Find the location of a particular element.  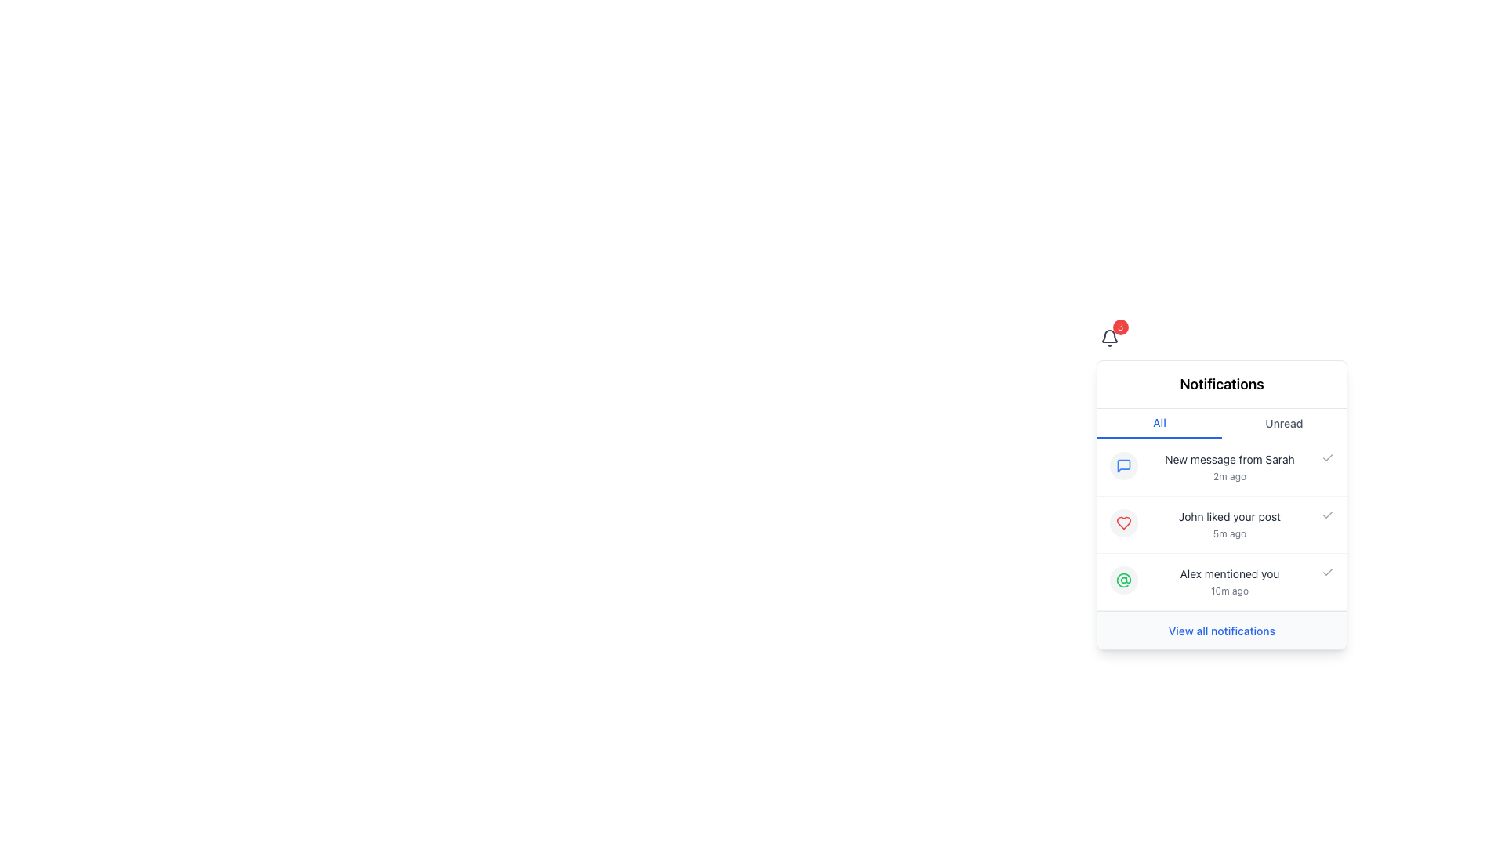

the small circular badge with a red background and white text indicating the number '3', located at the top-right corner of the bell icon in the notification toggle area is located at coordinates (1119, 326).